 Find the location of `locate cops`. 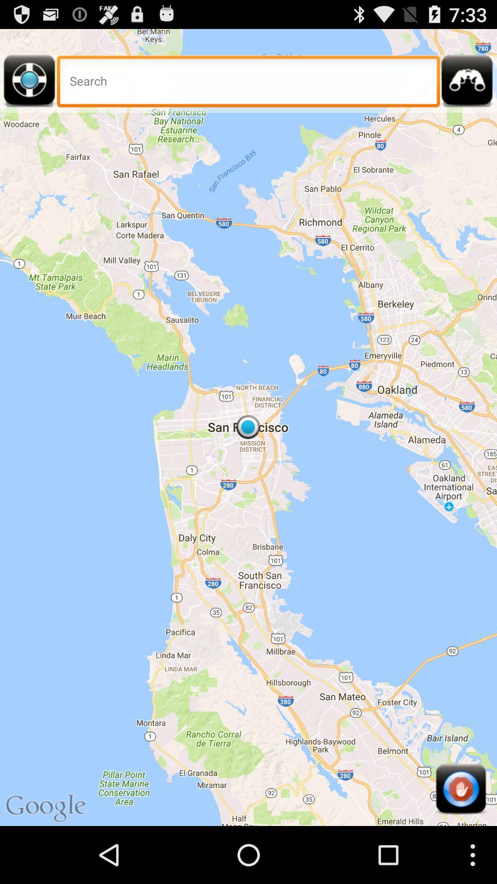

locate cops is located at coordinates (467, 84).